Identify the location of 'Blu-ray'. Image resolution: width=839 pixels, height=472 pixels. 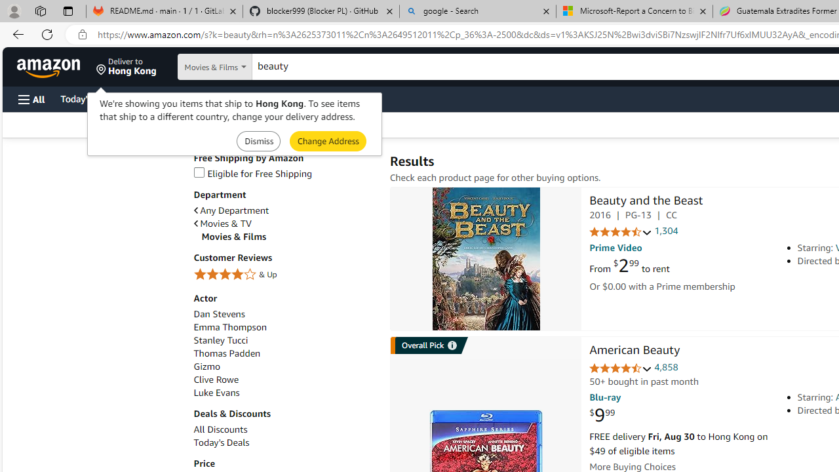
(604, 397).